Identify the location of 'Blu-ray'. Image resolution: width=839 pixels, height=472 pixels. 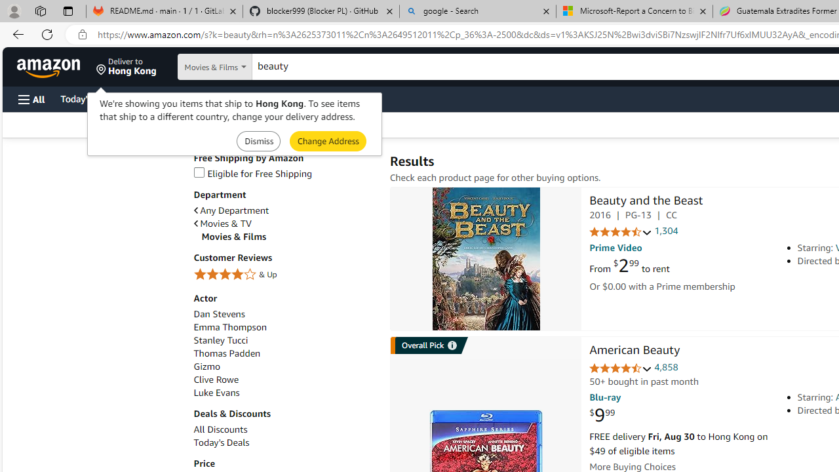
(604, 397).